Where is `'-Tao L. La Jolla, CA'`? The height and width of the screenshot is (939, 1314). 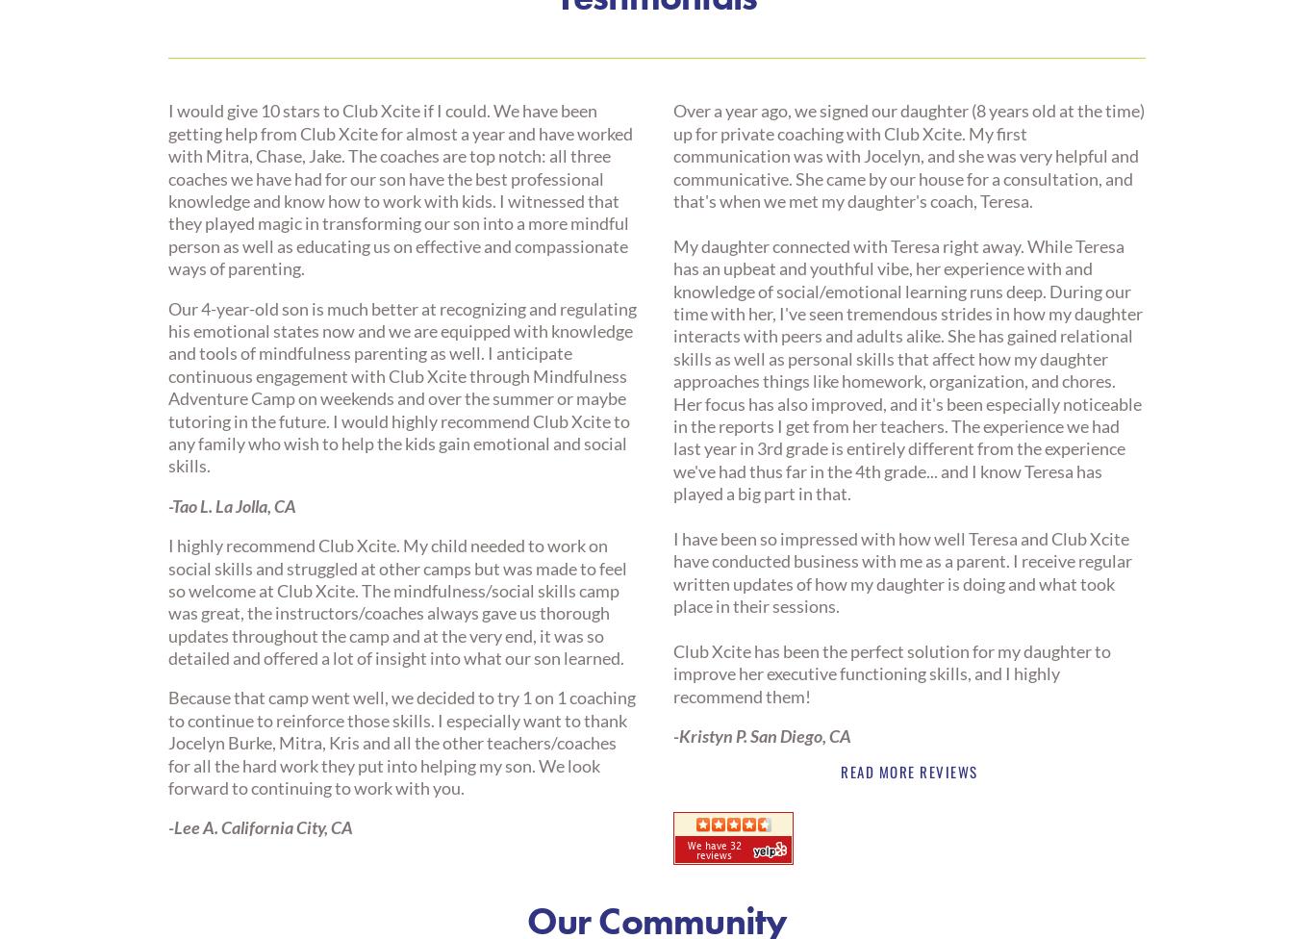
'-Tao L. La Jolla, CA' is located at coordinates (232, 504).